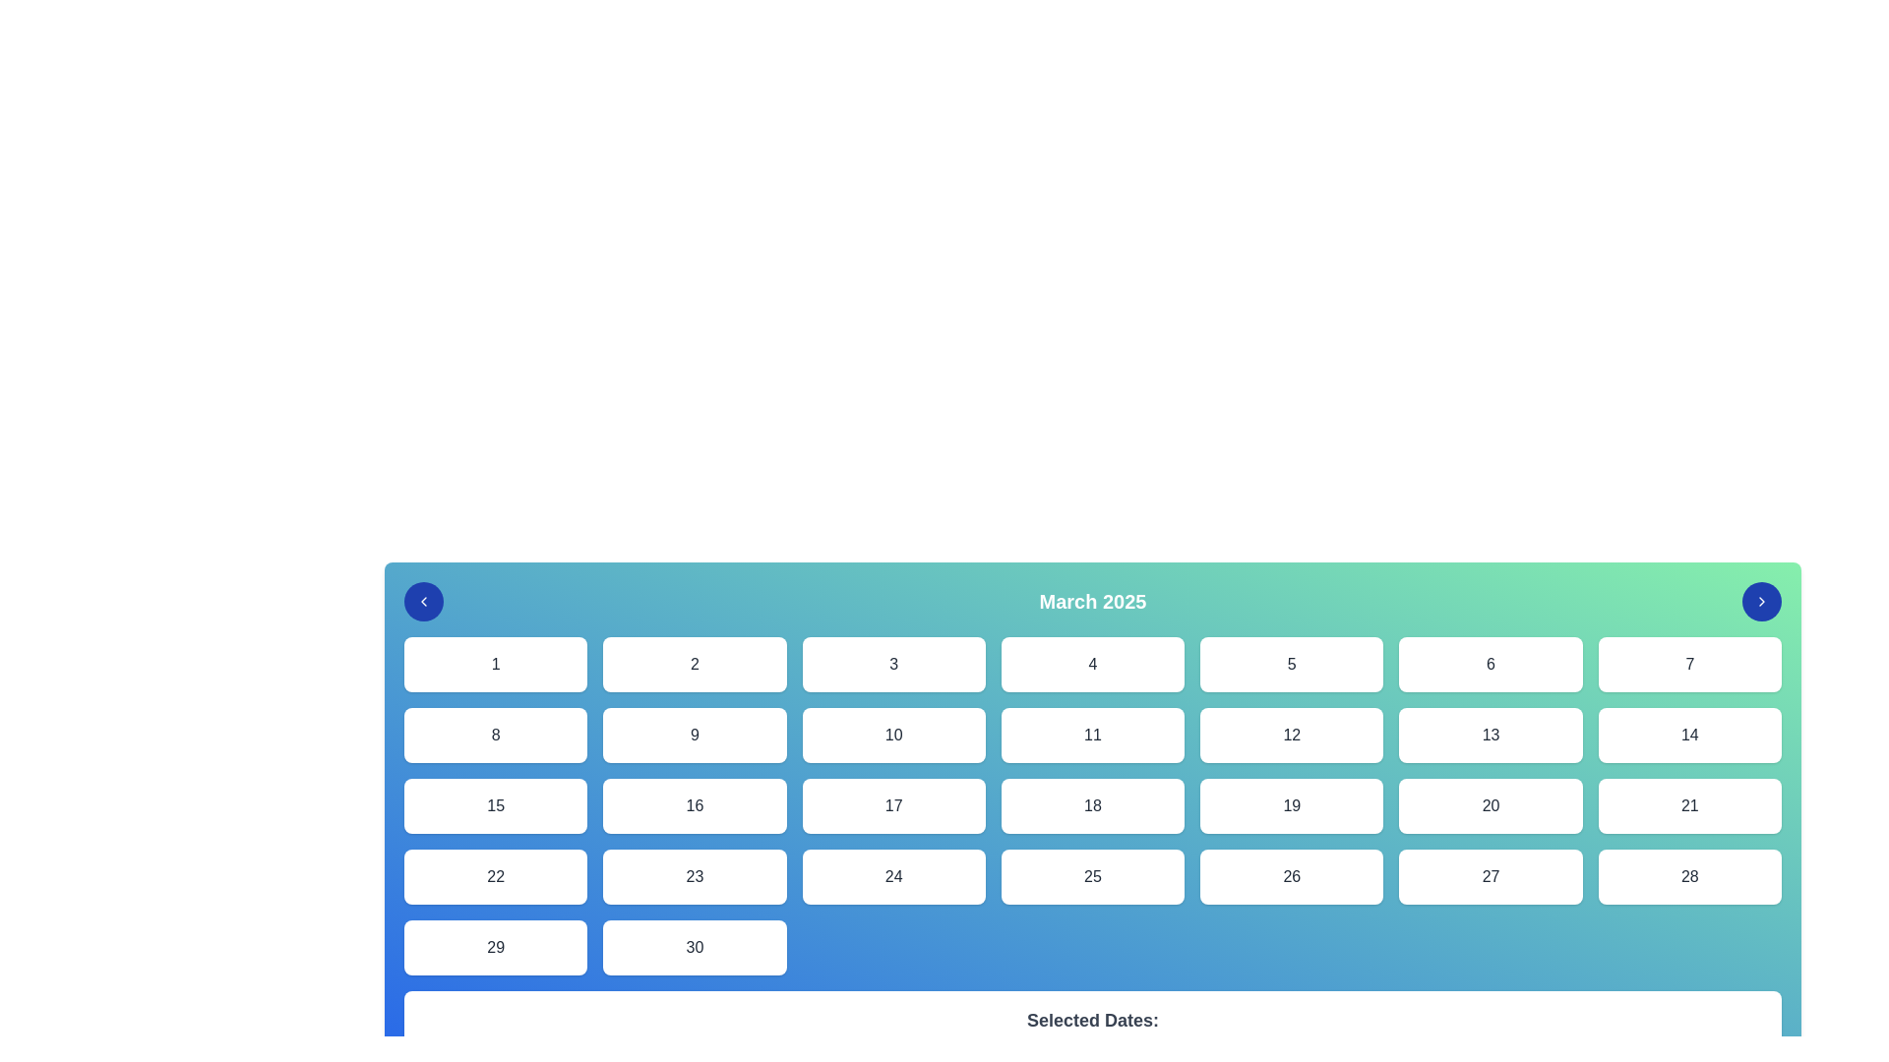 This screenshot has height=1062, width=1889. What do you see at coordinates (1761, 601) in the screenshot?
I see `the circular button with a blue background and a white chevron icon, located at the far right of the row containing 'March 2025'` at bounding box center [1761, 601].